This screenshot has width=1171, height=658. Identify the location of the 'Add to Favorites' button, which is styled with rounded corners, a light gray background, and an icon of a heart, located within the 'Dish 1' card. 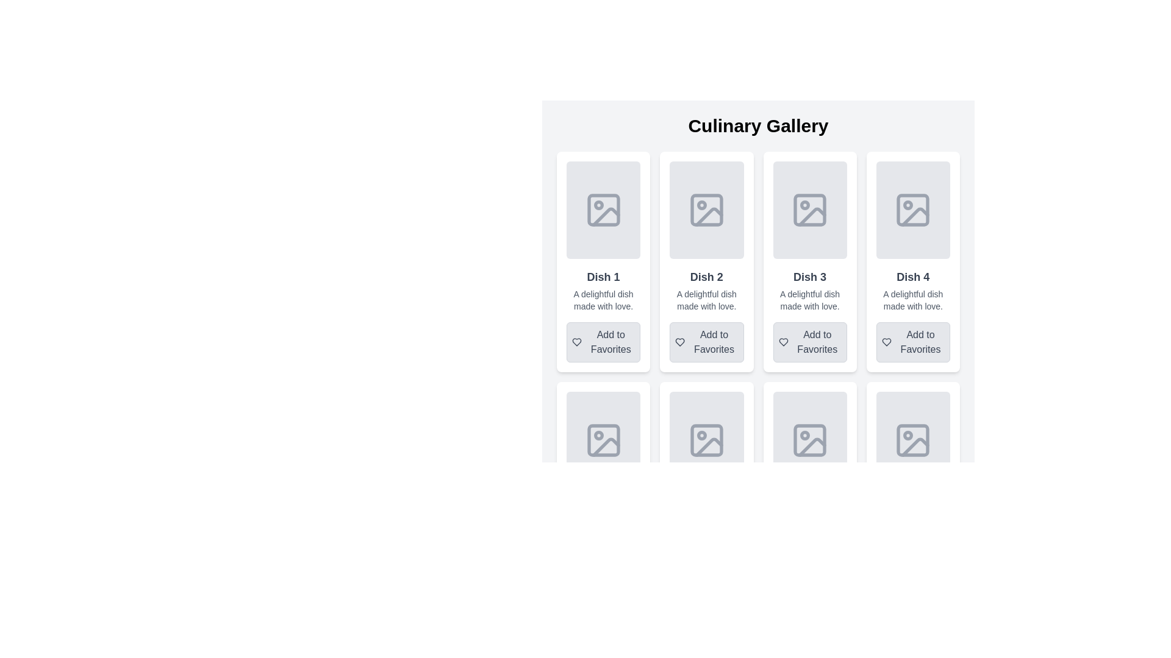
(603, 342).